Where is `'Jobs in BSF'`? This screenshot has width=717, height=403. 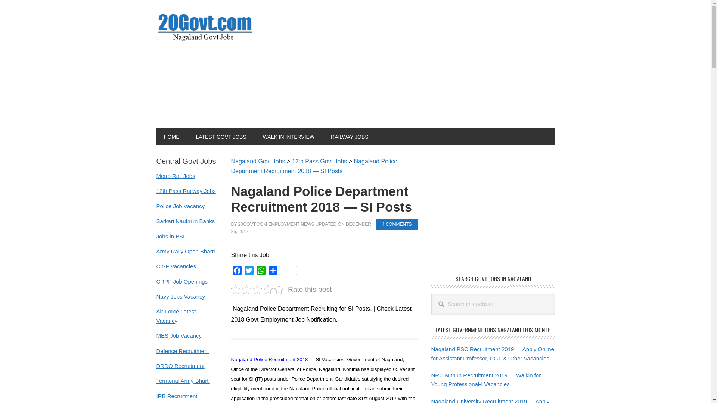
'Jobs in BSF' is located at coordinates (171, 236).